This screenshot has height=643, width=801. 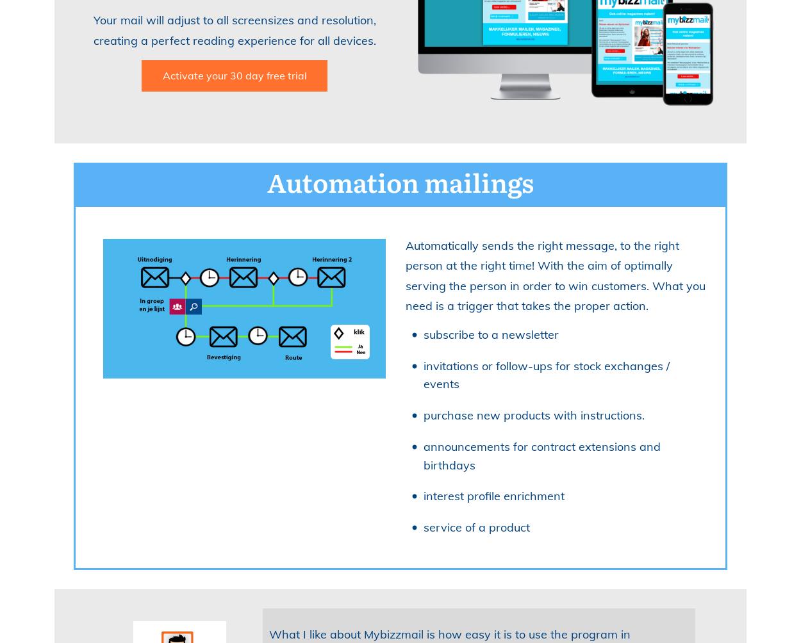 What do you see at coordinates (423, 496) in the screenshot?
I see `'interest profile enrichment'` at bounding box center [423, 496].